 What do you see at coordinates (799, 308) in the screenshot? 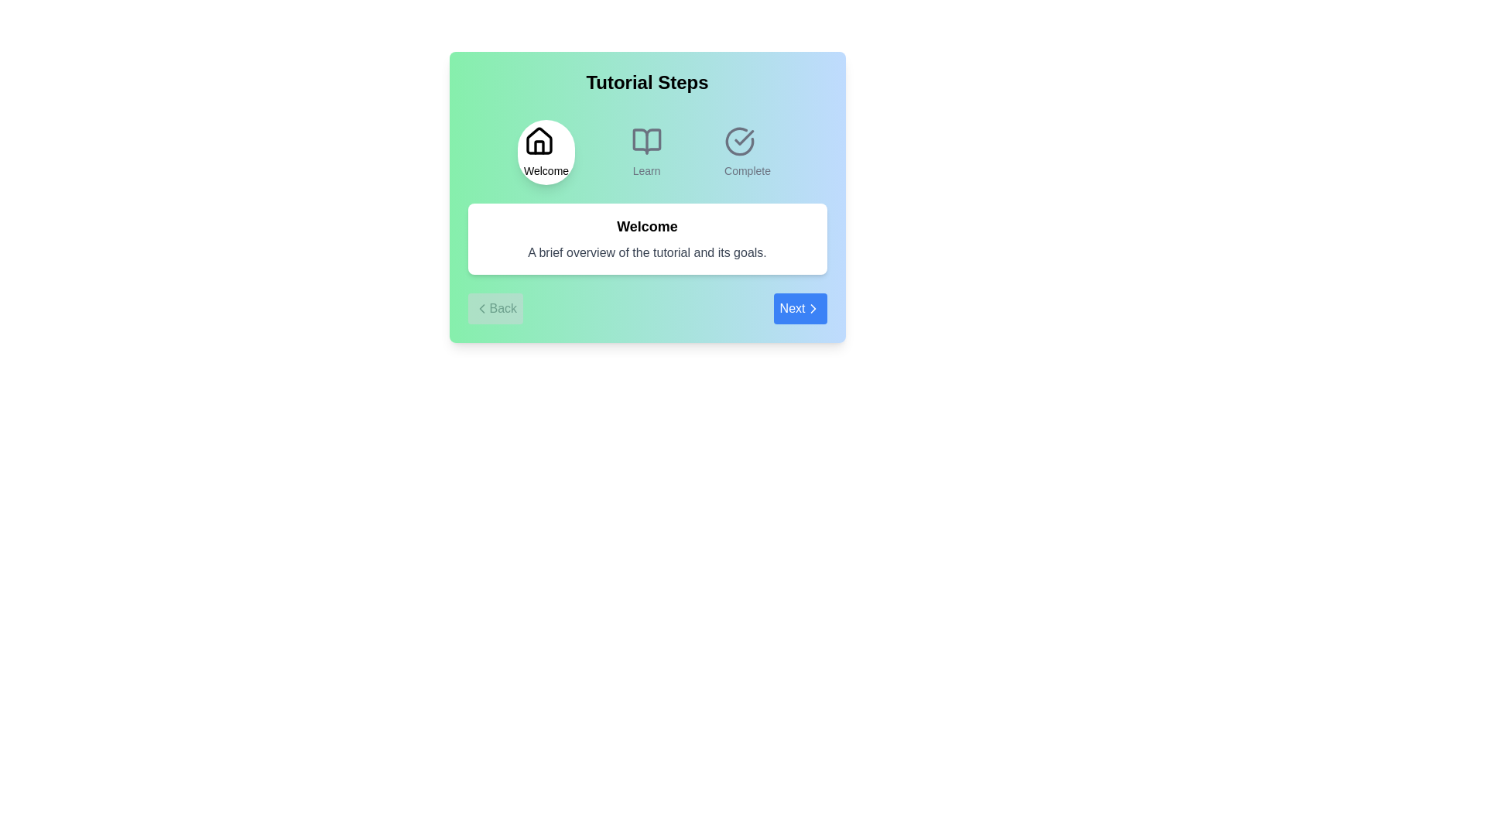
I see `the 'Next' button to navigate to the next step` at bounding box center [799, 308].